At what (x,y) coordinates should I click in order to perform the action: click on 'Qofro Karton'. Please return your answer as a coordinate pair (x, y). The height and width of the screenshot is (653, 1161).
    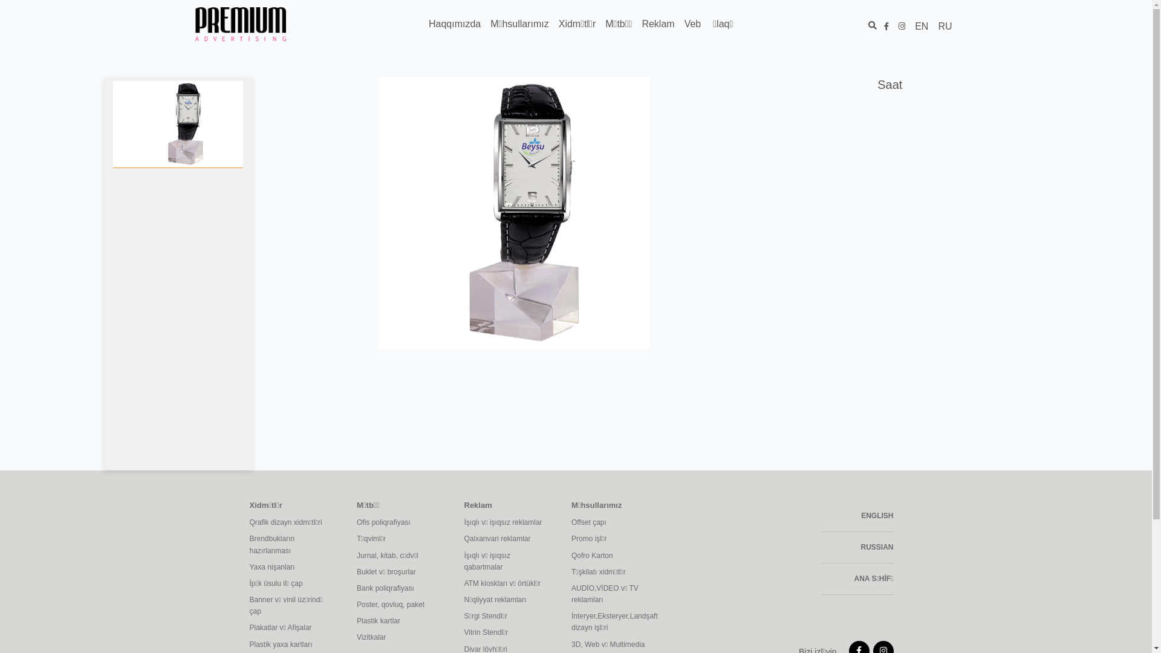
    Looking at the image, I should click on (616, 556).